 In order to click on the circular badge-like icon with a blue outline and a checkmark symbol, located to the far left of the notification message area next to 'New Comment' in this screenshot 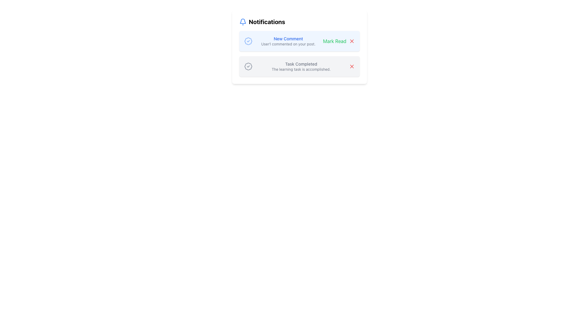, I will do `click(248, 41)`.